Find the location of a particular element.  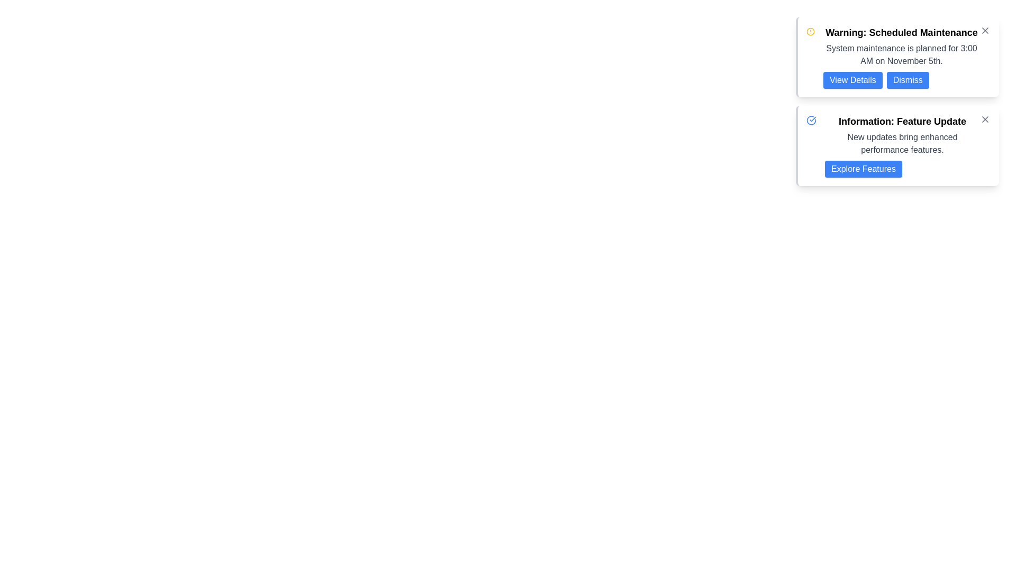

the 'Explore Features' button with a blue background and white text located at the bottom right of the 'Information: Feature Update' card to observe its hover effect is located at coordinates (864, 169).